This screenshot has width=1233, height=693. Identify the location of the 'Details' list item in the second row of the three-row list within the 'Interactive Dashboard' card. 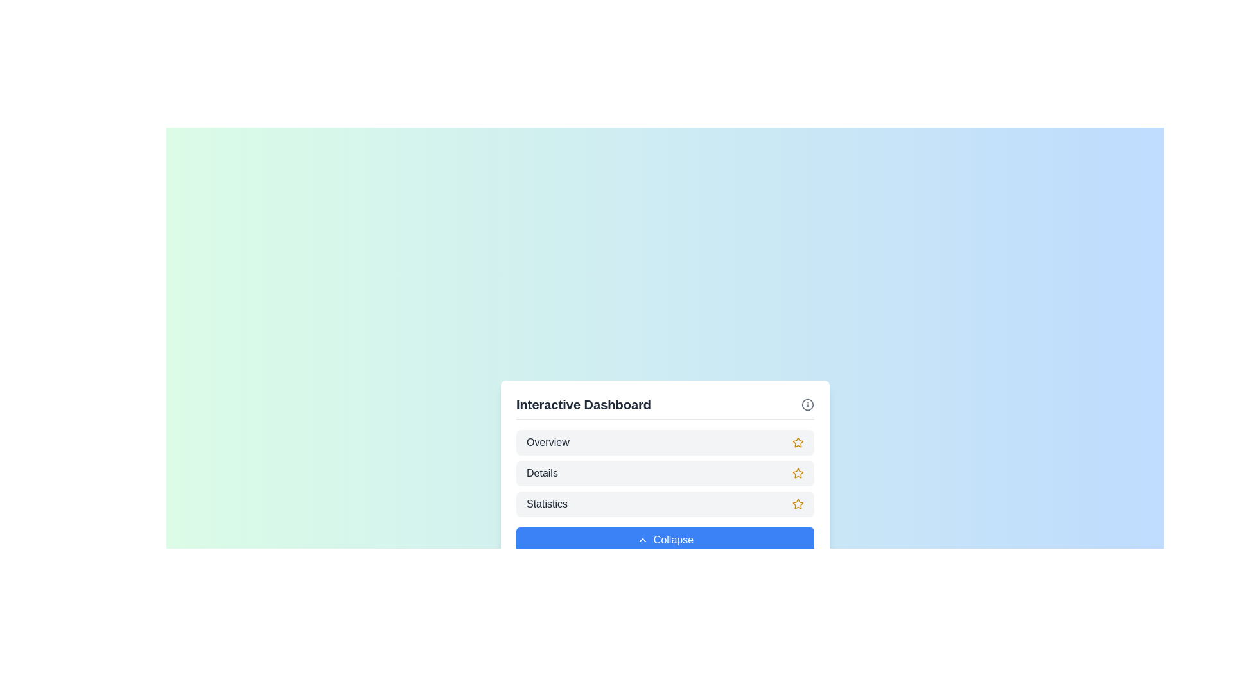
(665, 473).